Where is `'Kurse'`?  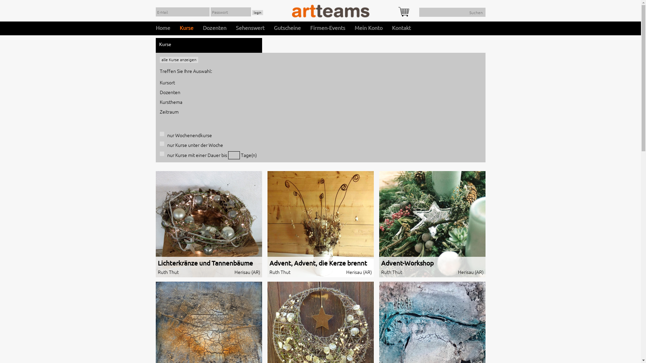 'Kurse' is located at coordinates (186, 28).